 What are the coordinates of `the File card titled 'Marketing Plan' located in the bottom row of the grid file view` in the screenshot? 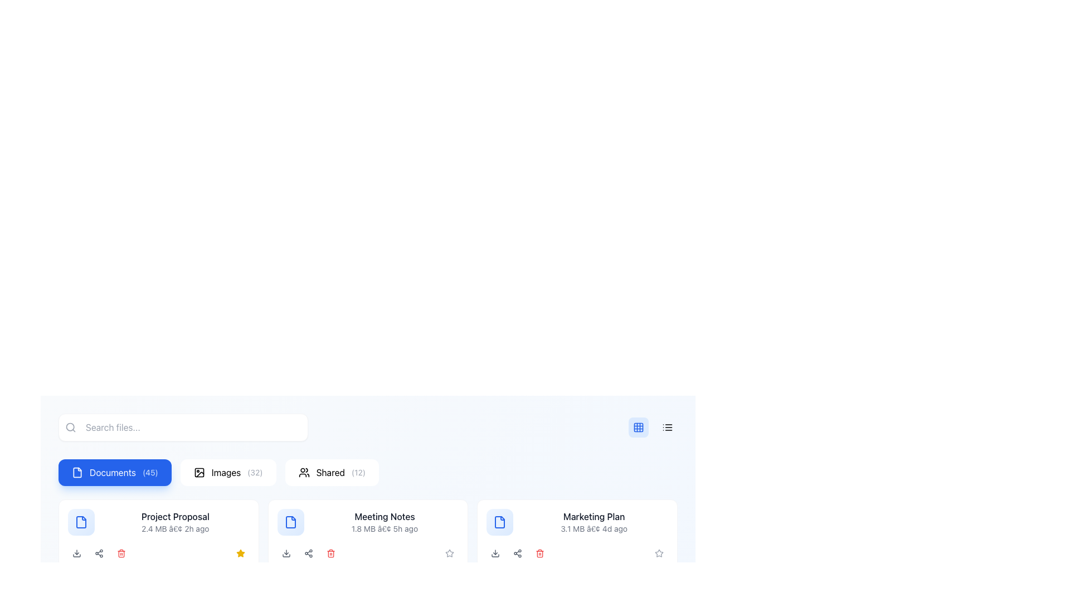 It's located at (577, 522).